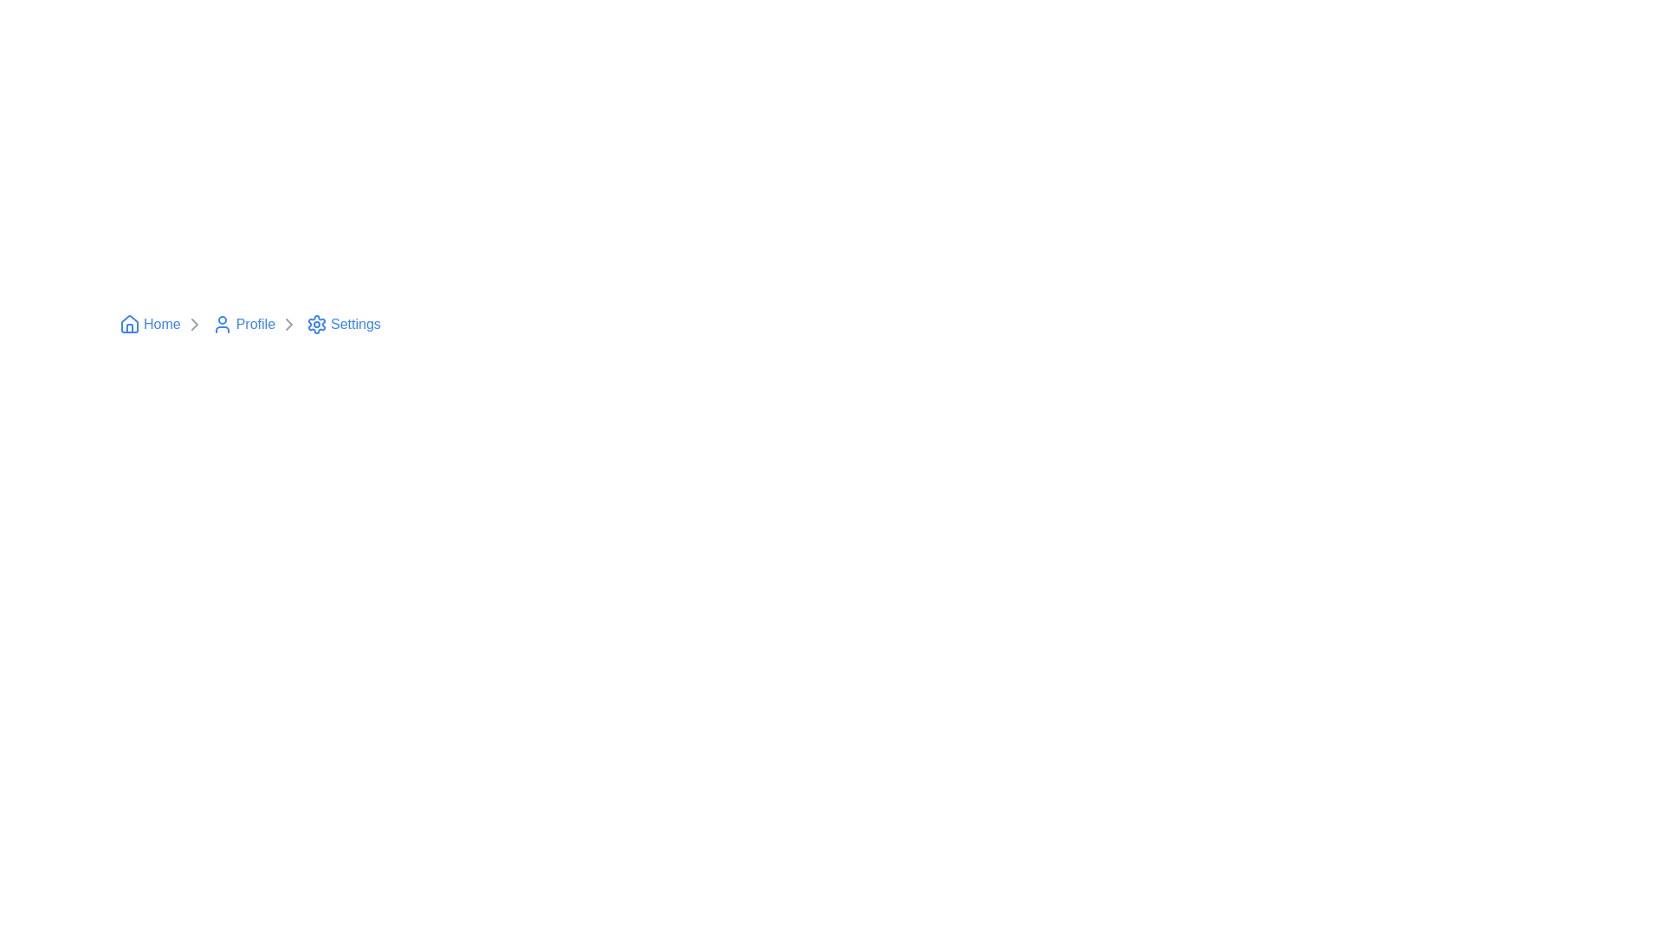  I want to click on the 'Settings' breadcrumb navigation link in the top navigation bar to underline the text, so click(343, 324).